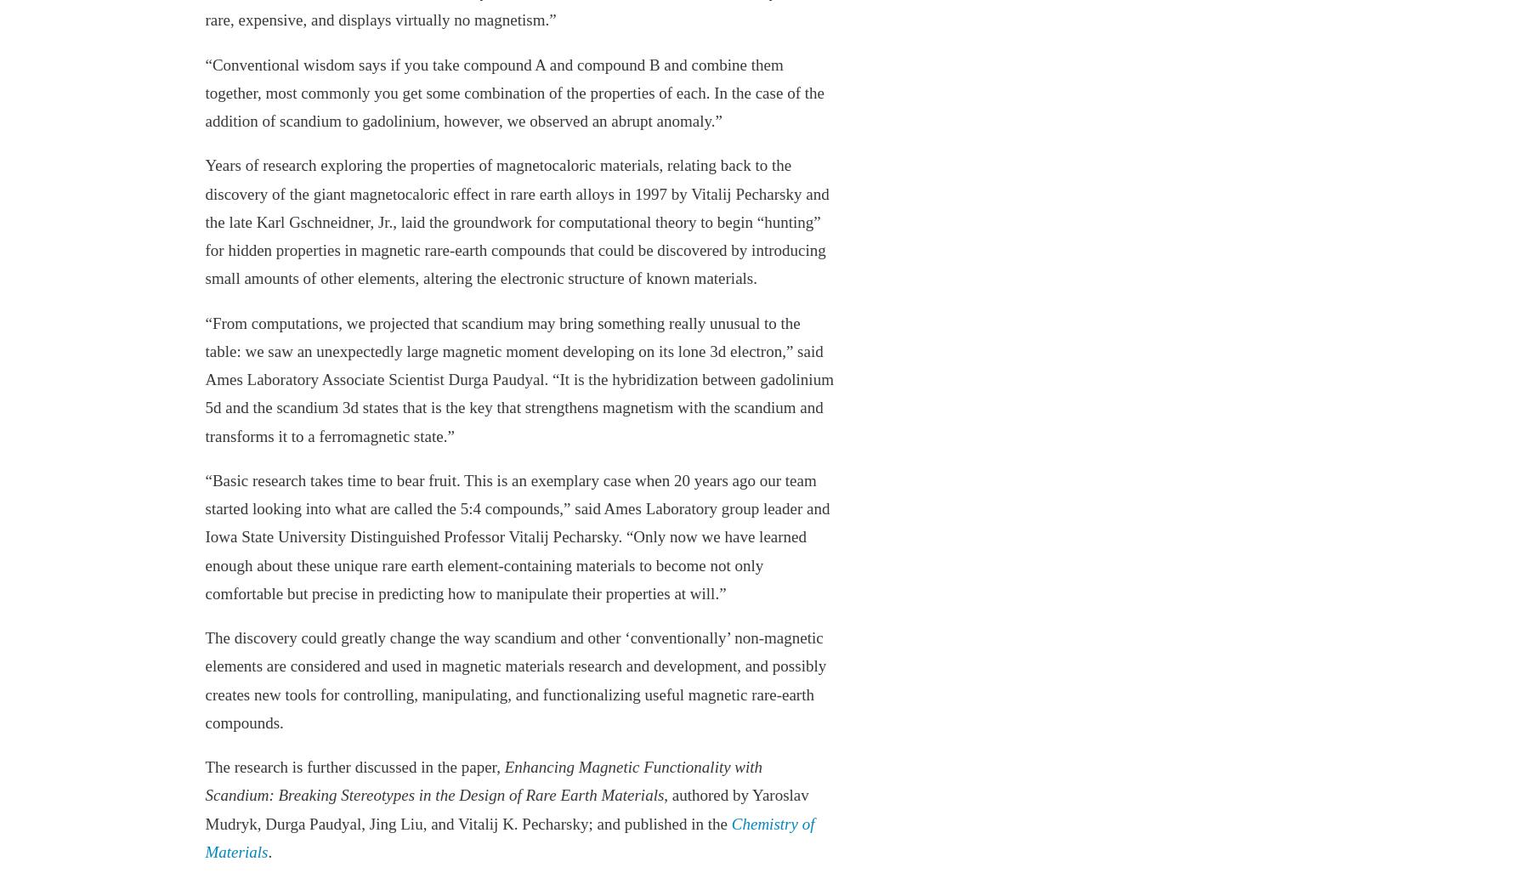 Image resolution: width=1530 pixels, height=884 pixels. What do you see at coordinates (269, 851) in the screenshot?
I see `'.'` at bounding box center [269, 851].